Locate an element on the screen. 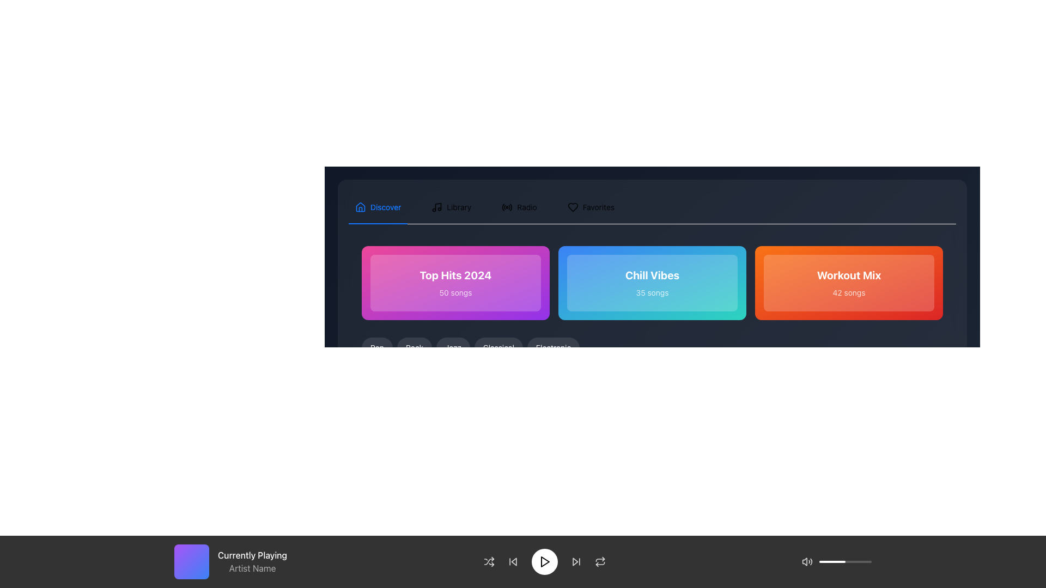  the slider position is located at coordinates (846, 562).